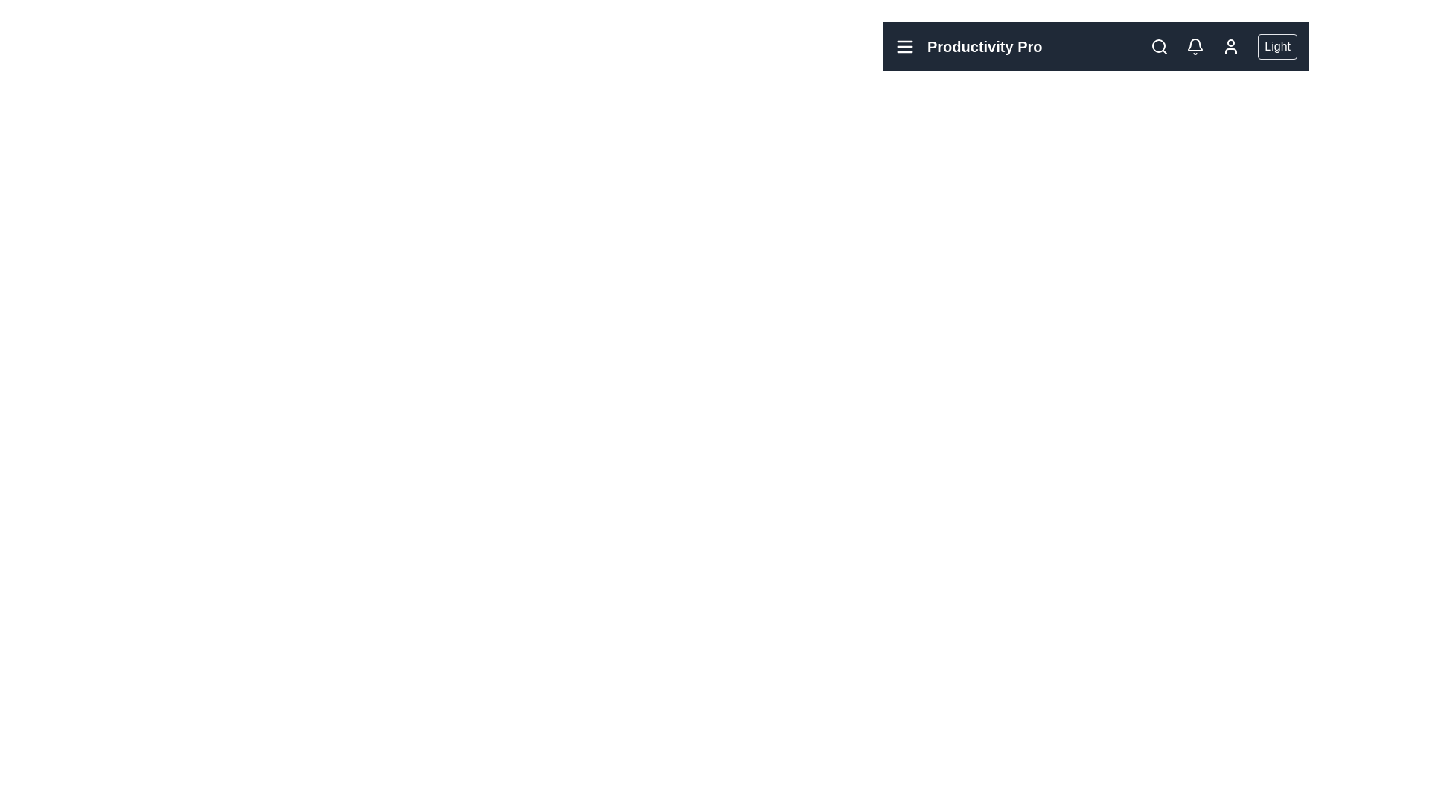  I want to click on the bell icon to open the notifications section, so click(1195, 45).